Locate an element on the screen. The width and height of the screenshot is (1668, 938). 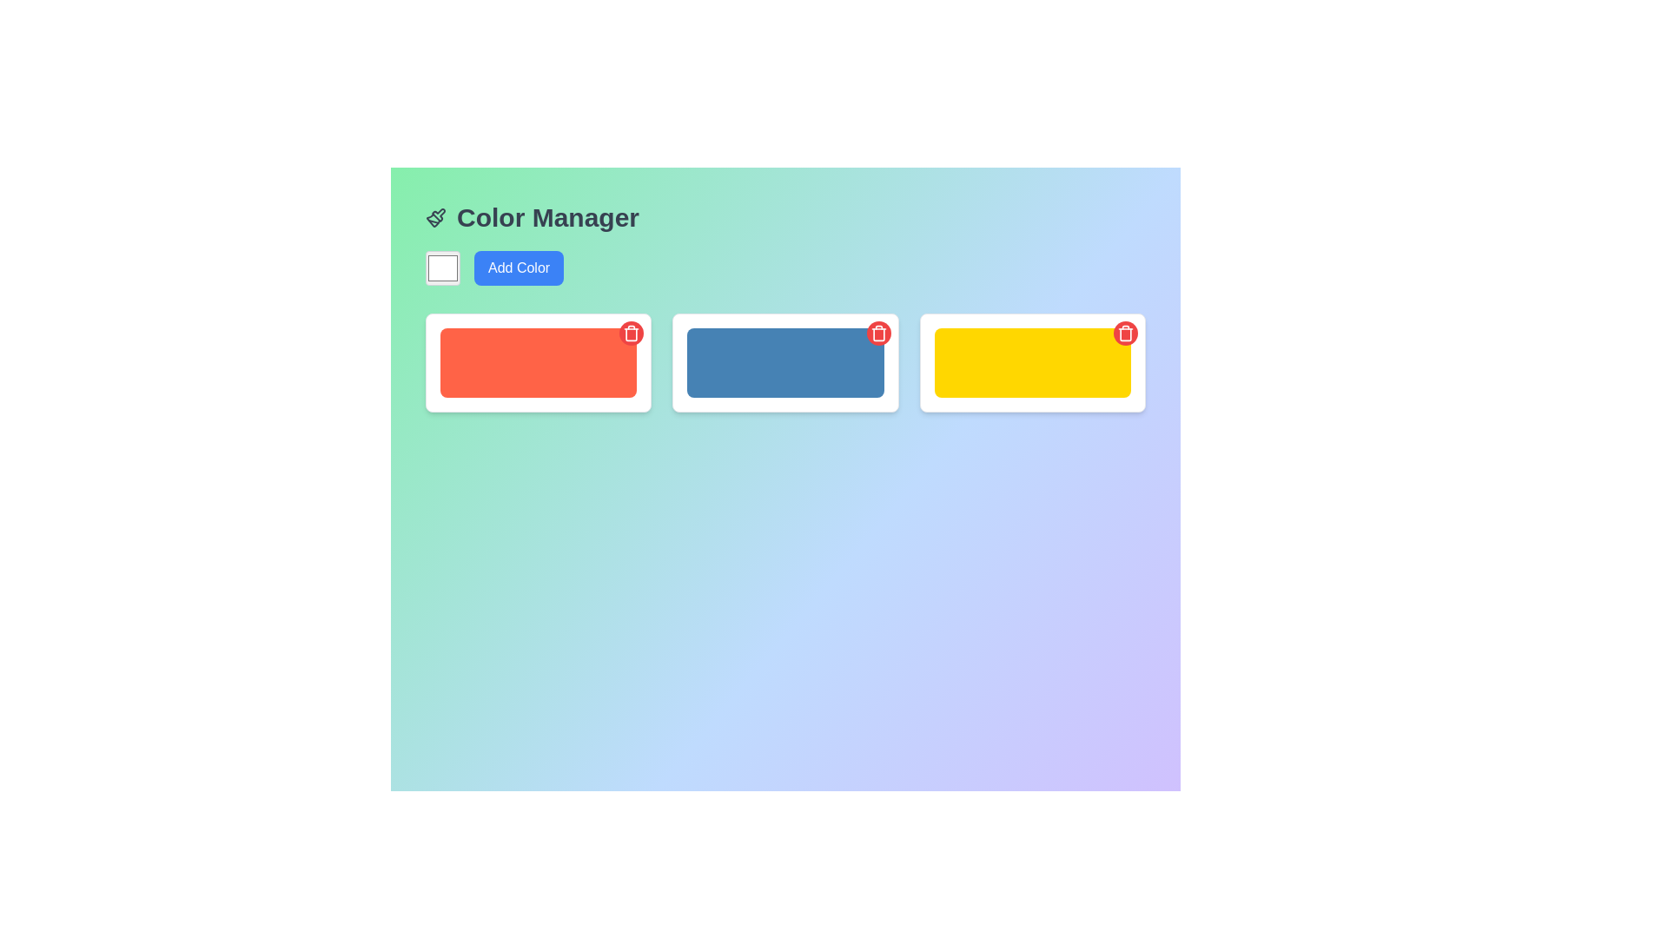
the icon representing the 'Color Manager' section, located to the left of the header text 'Color Manager' is located at coordinates (436, 216).